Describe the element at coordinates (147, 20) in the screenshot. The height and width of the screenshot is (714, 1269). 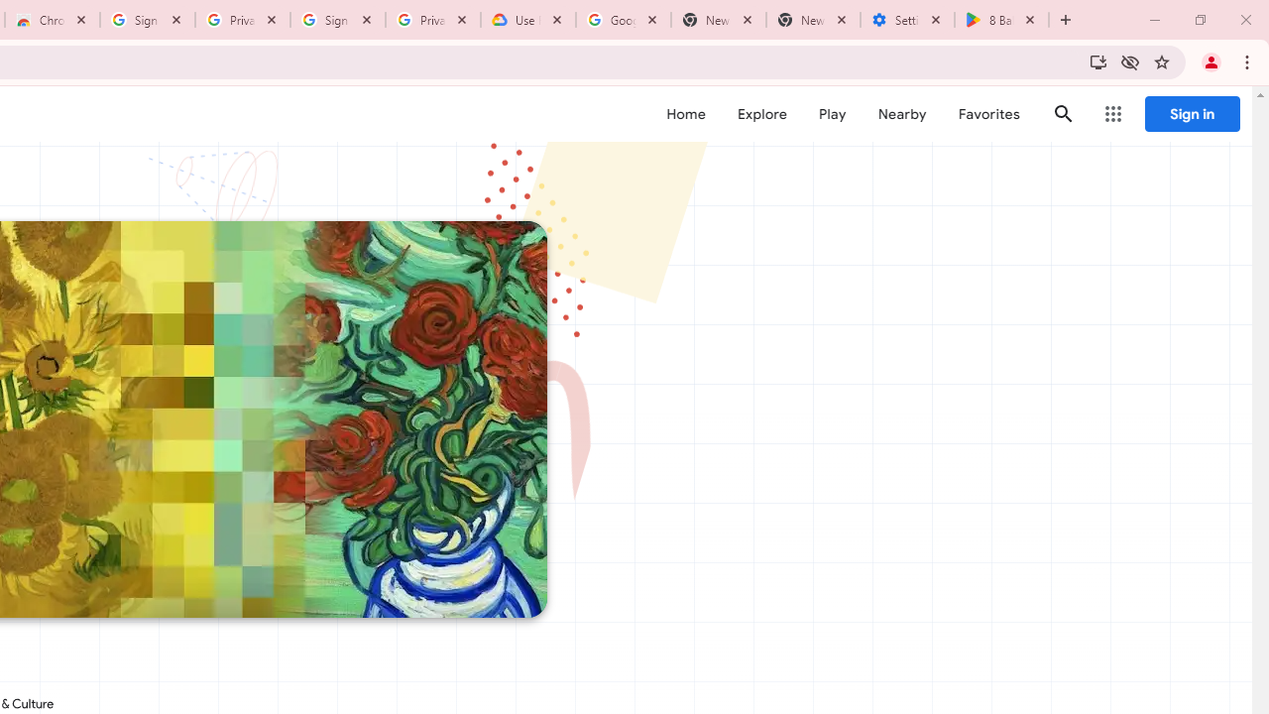
I see `'Sign in - Google Accounts'` at that location.